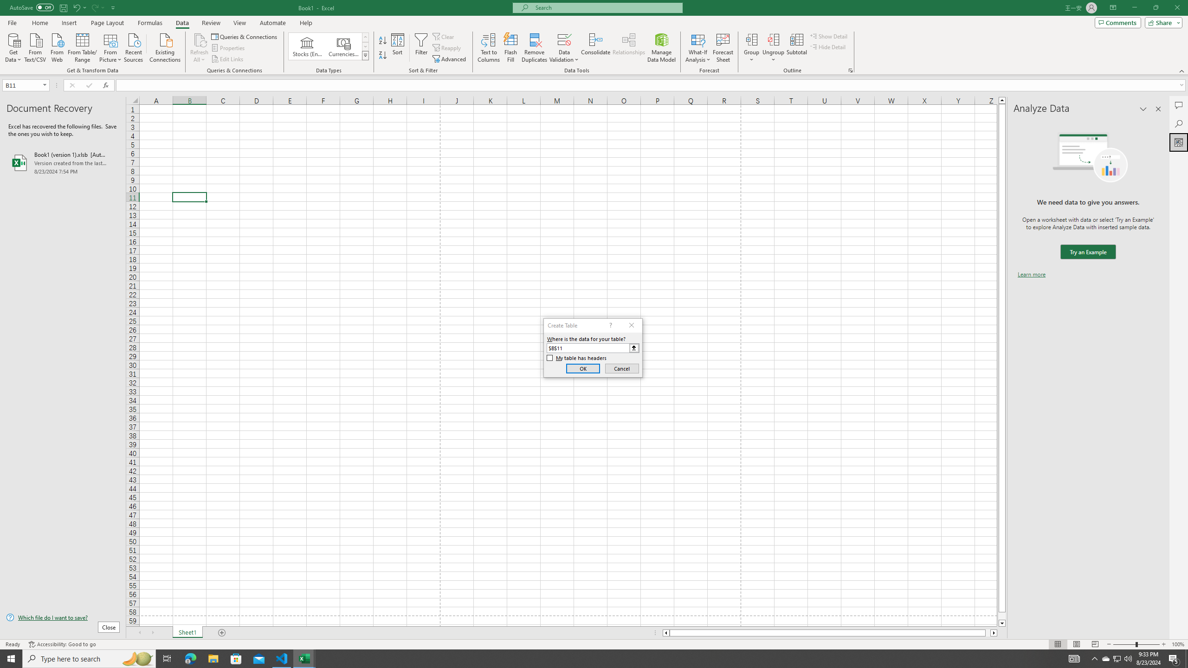 This screenshot has width=1188, height=668. What do you see at coordinates (828, 36) in the screenshot?
I see `'Show Detail'` at bounding box center [828, 36].